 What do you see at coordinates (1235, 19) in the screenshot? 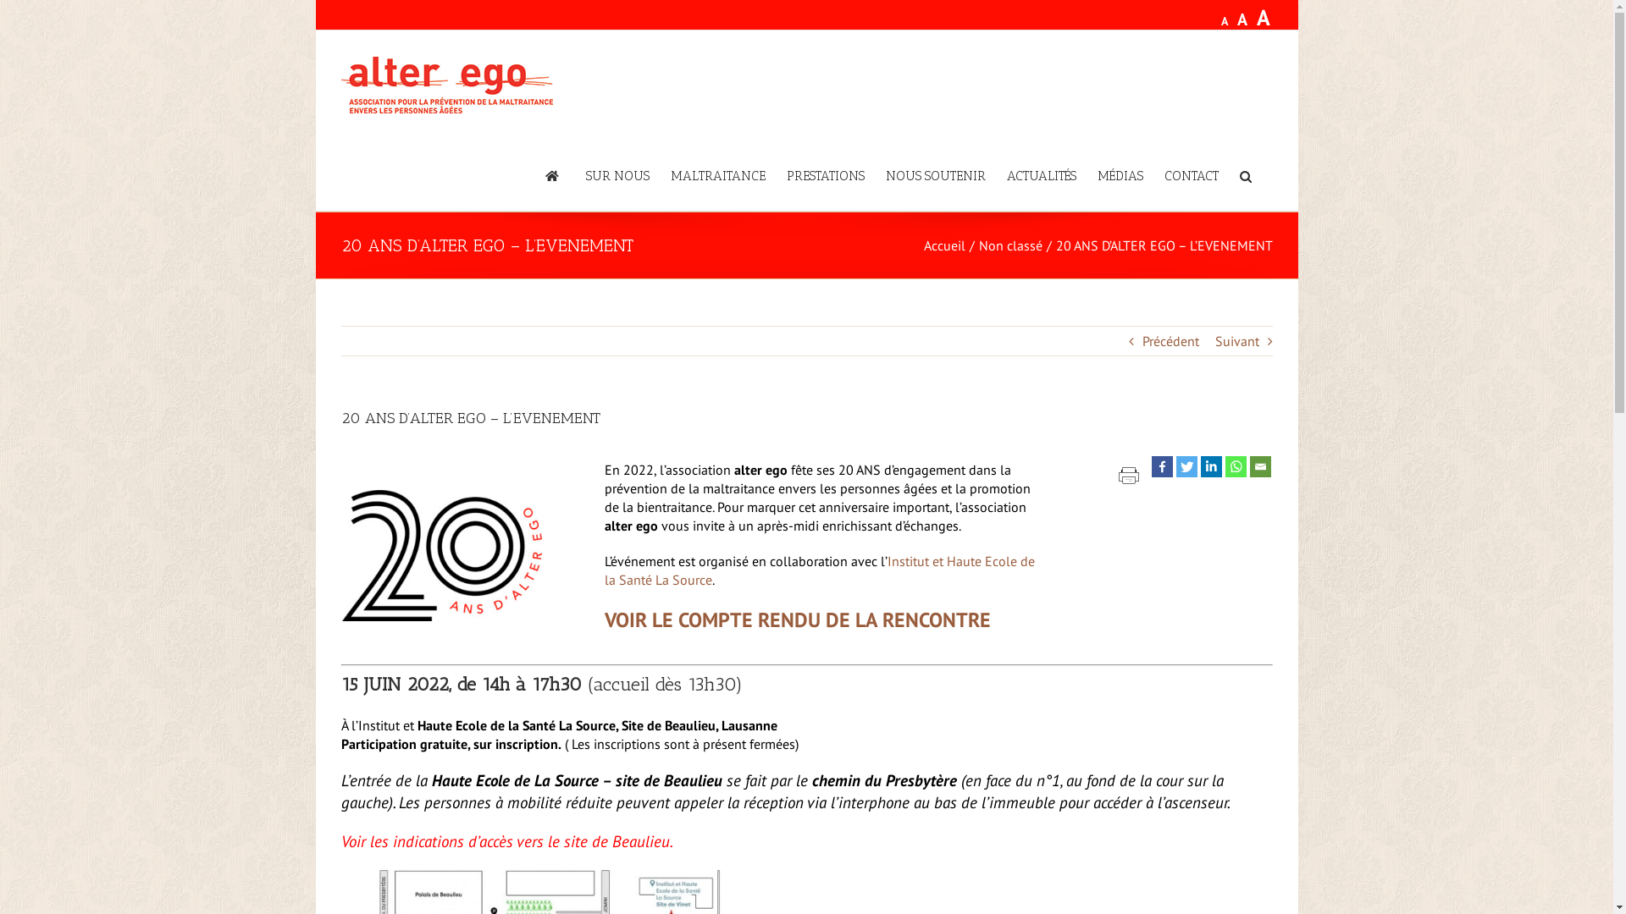
I see `'A` at bounding box center [1235, 19].